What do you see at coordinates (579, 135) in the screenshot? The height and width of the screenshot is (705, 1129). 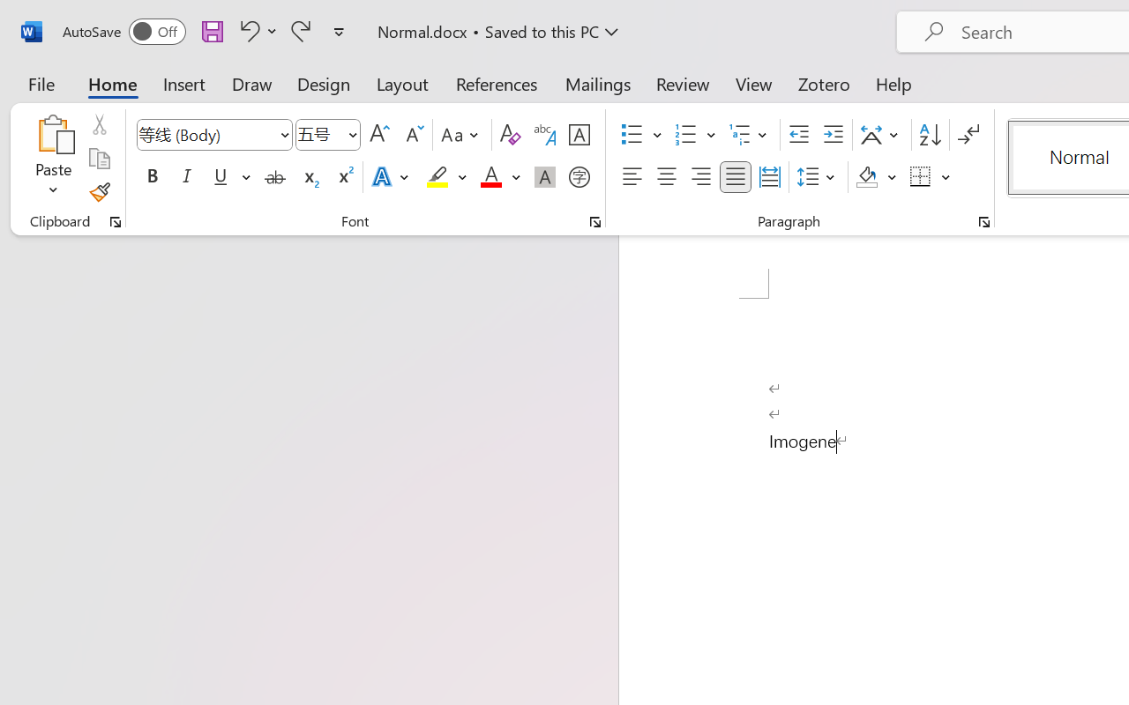 I see `'Character Border'` at bounding box center [579, 135].